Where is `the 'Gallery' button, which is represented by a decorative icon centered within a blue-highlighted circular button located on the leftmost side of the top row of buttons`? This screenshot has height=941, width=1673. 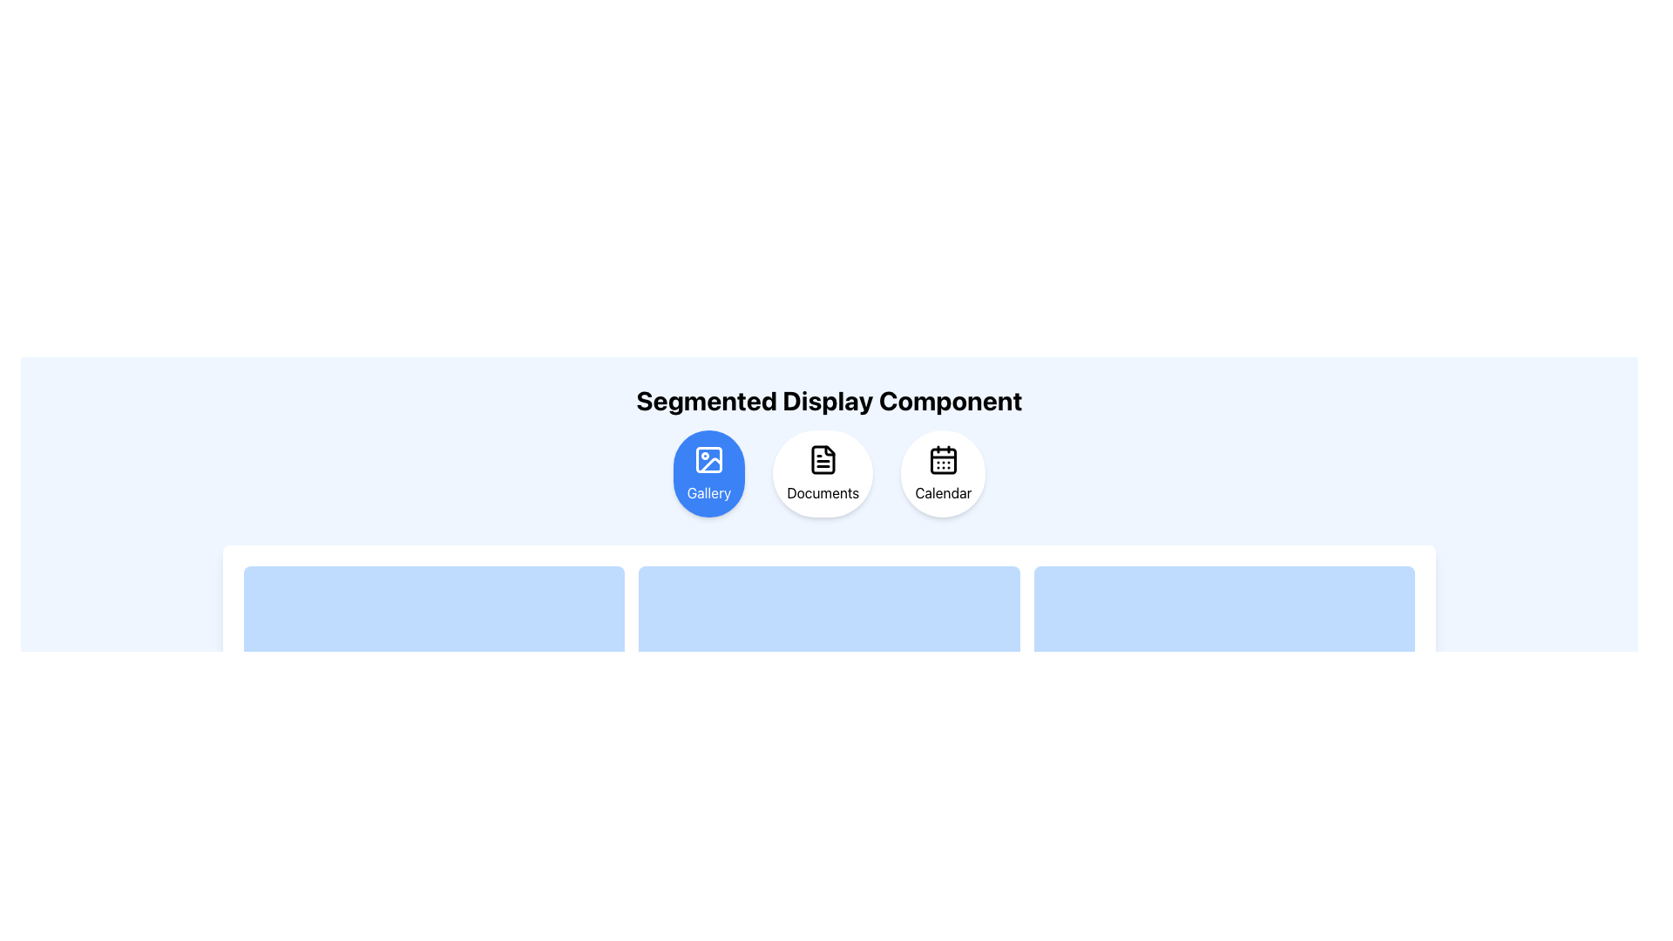 the 'Gallery' button, which is represented by a decorative icon centered within a blue-highlighted circular button located on the leftmost side of the top row of buttons is located at coordinates (708, 459).